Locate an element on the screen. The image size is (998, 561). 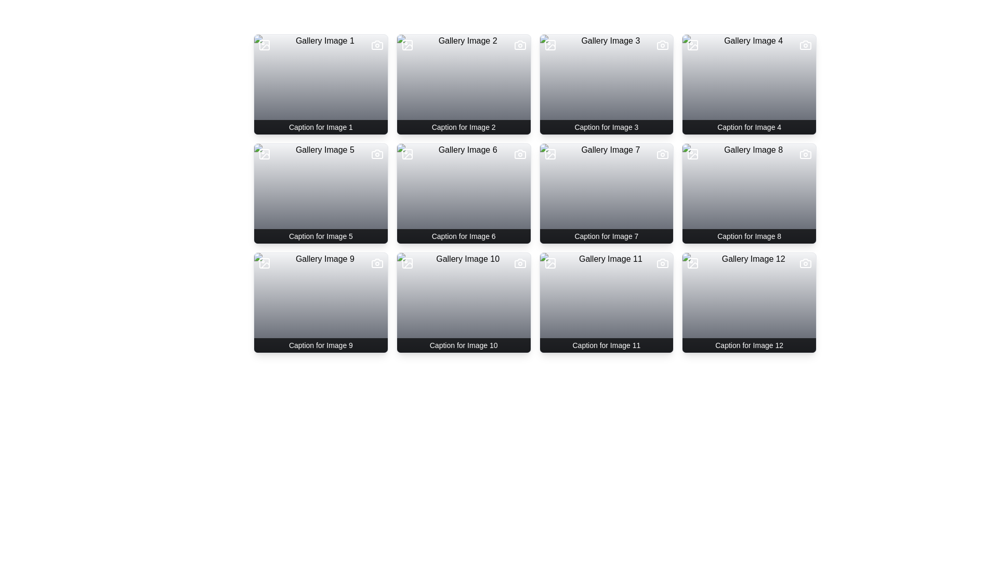
the icon located in the upper-left corner of the third image in a 4x3 grid layout, adjacent to the text 'Gallery Image 3' is located at coordinates (550, 47).